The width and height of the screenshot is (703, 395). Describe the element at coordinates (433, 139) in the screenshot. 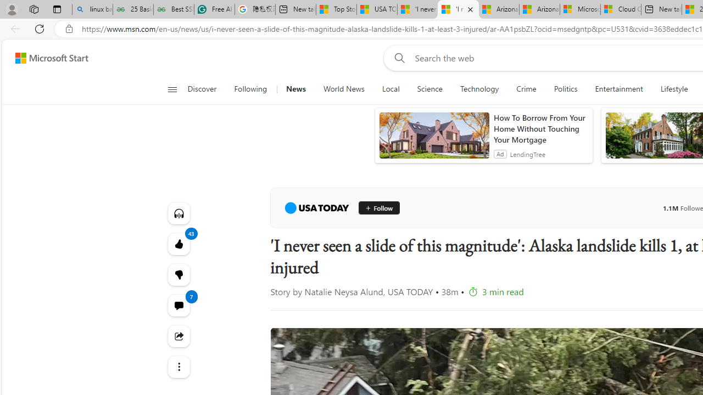

I see `'anim-content'` at that location.